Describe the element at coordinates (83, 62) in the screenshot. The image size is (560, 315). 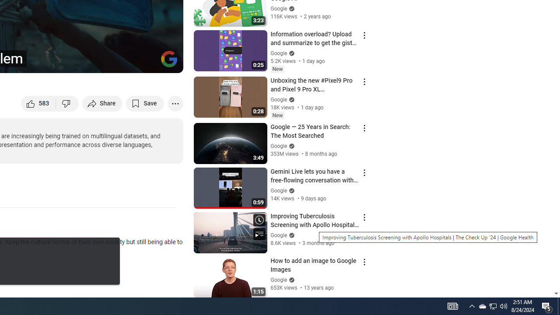
I see `'Subtitles/closed captions unavailable'` at that location.